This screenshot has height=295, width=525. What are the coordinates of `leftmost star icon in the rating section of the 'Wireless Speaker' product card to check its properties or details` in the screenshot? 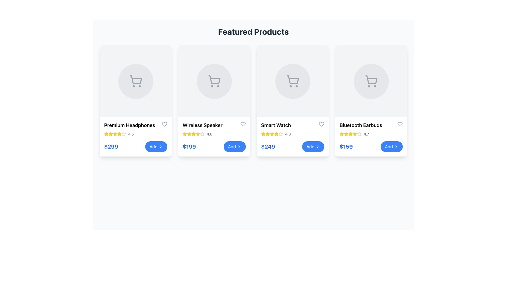 It's located at (185, 134).